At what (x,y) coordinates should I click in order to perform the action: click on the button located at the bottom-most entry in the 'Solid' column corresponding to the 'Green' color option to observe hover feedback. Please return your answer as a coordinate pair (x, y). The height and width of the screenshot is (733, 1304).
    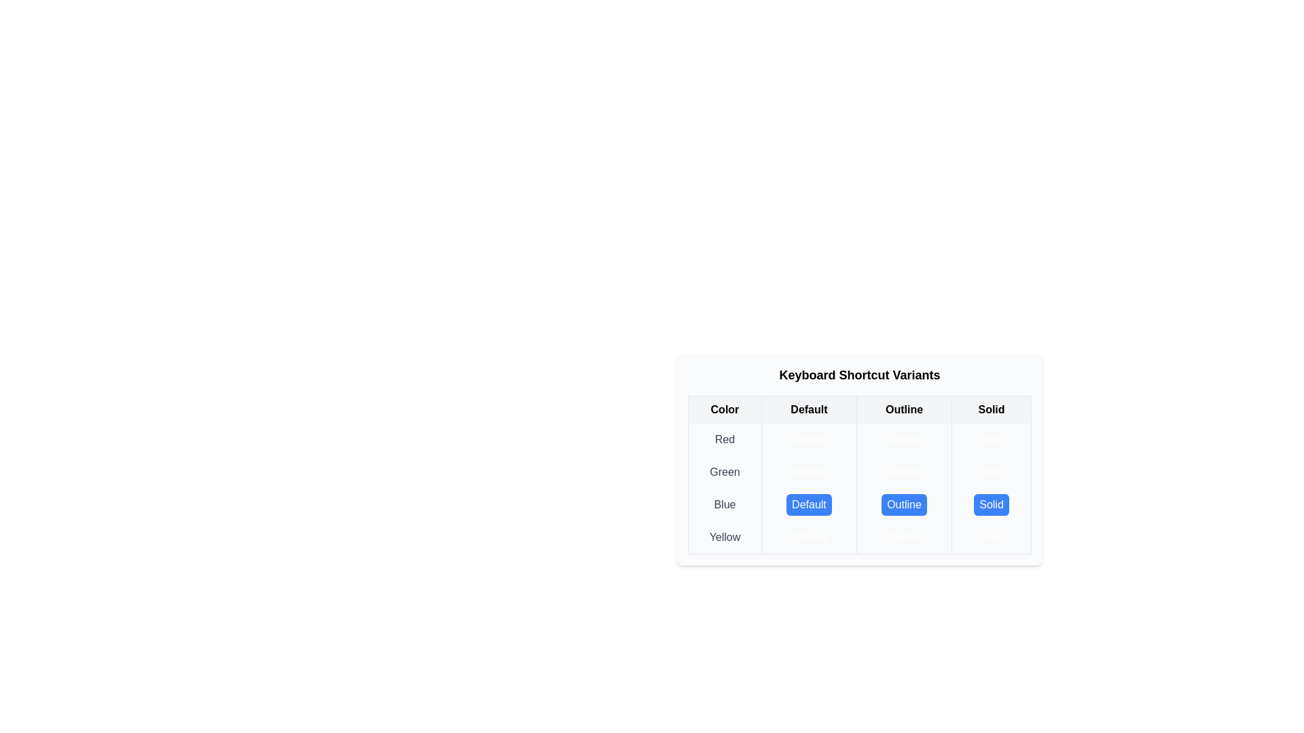
    Looking at the image, I should click on (991, 471).